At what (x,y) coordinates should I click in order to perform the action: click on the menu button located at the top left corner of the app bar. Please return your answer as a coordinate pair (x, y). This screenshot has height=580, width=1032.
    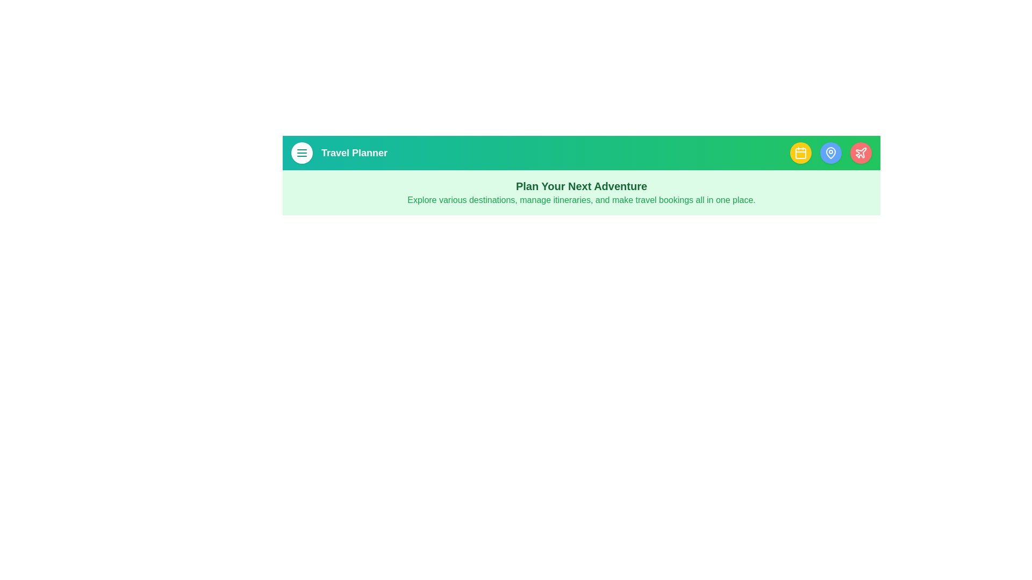
    Looking at the image, I should click on (301, 153).